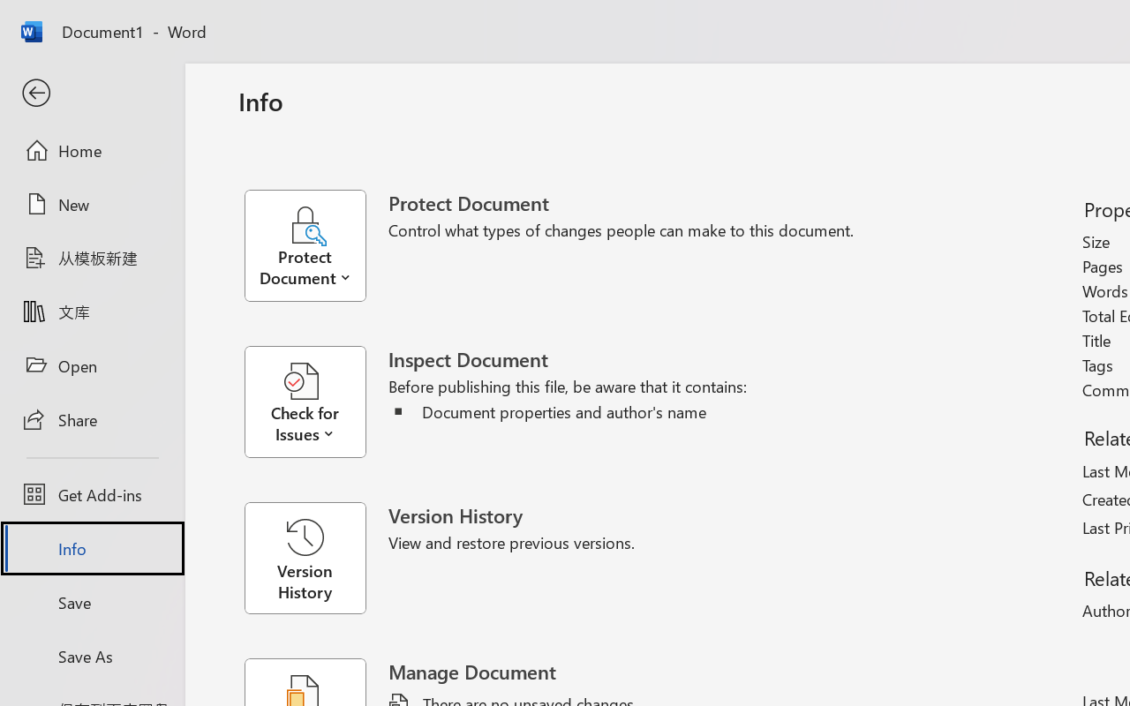 This screenshot has height=706, width=1130. Describe the element at coordinates (91, 494) in the screenshot. I see `'Get Add-ins'` at that location.